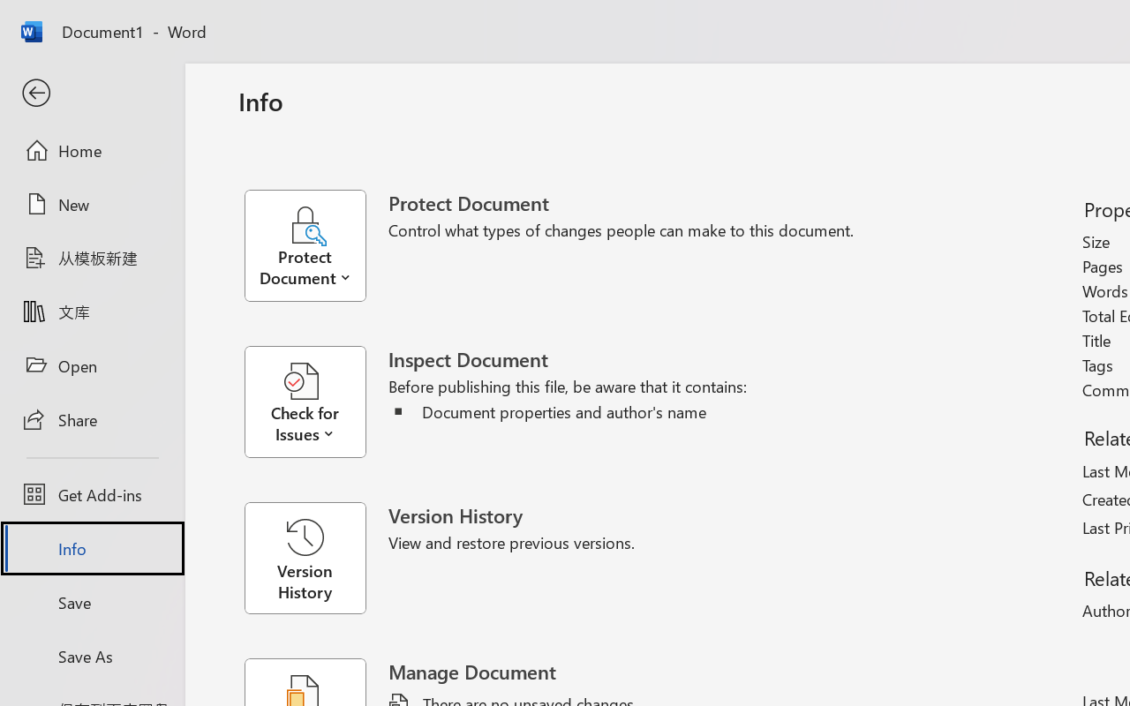 This screenshot has height=706, width=1130. Describe the element at coordinates (91, 494) in the screenshot. I see `'Get Add-ins'` at that location.